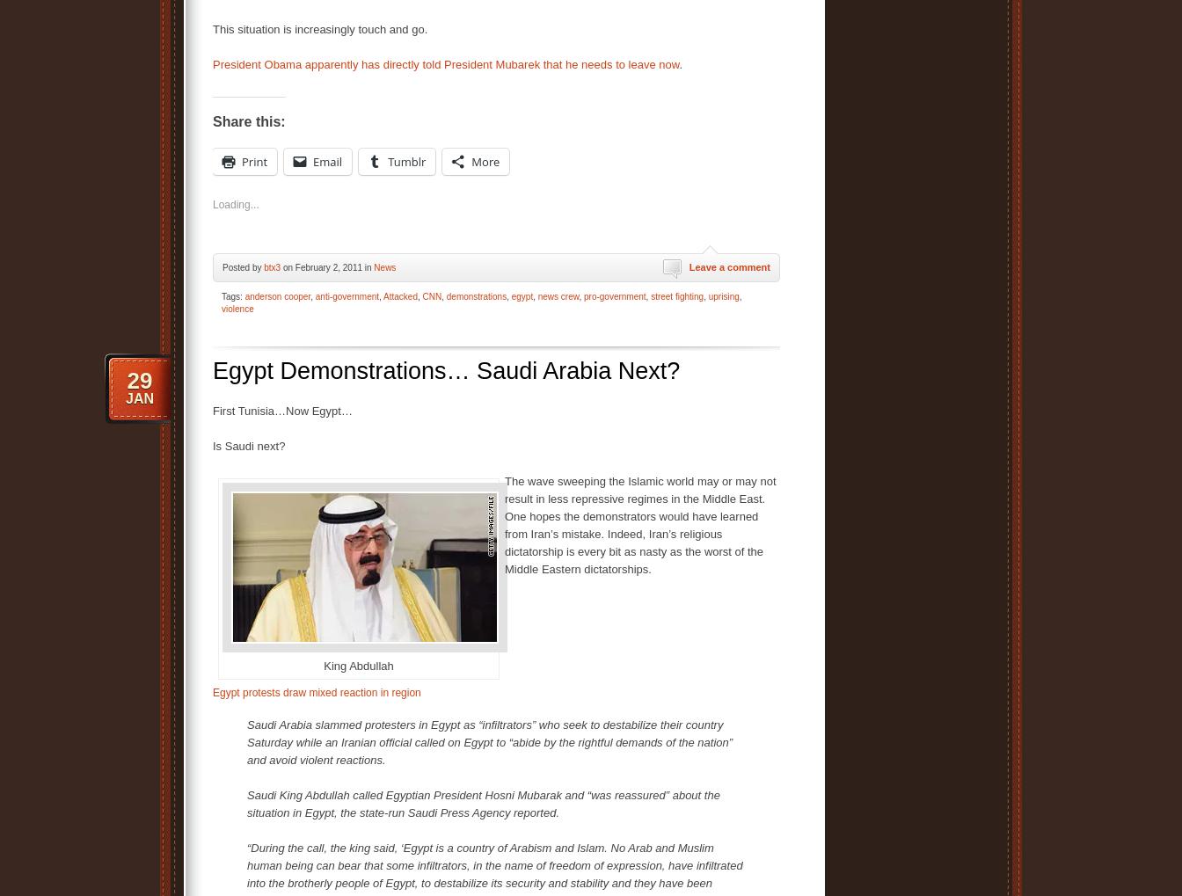  I want to click on 'President Obama apparently has directly told President Mubarek that he needs to leave now', so click(445, 63).